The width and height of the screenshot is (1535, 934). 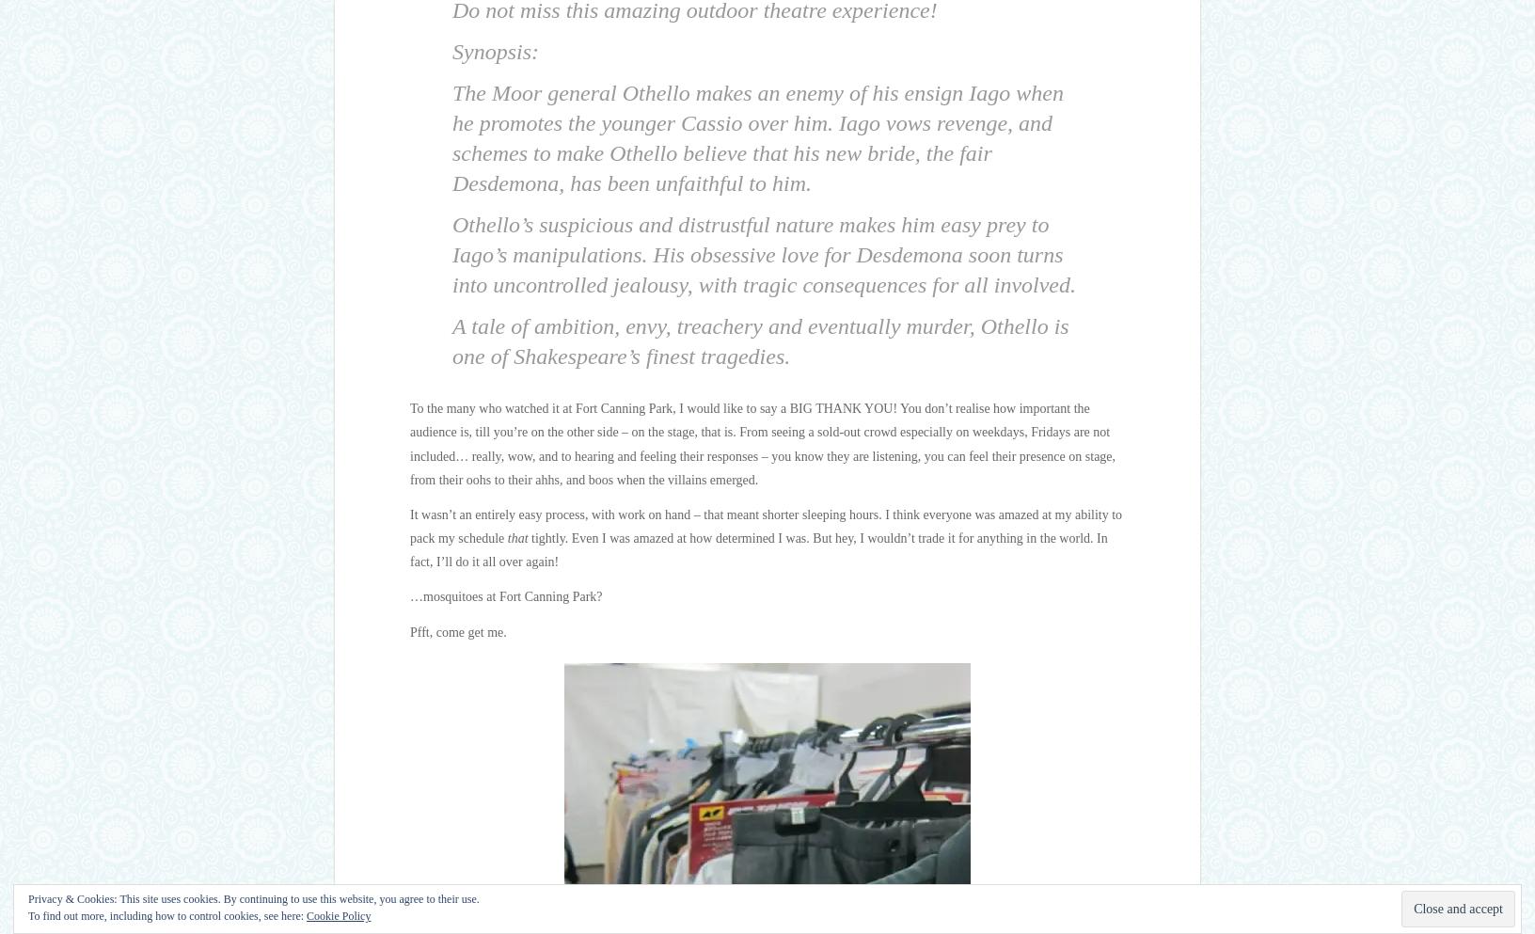 What do you see at coordinates (451, 341) in the screenshot?
I see `'A tale of ambition, envy, treachery and eventually murder, Othello is one of Shakespeare’s finest tragedies.'` at bounding box center [451, 341].